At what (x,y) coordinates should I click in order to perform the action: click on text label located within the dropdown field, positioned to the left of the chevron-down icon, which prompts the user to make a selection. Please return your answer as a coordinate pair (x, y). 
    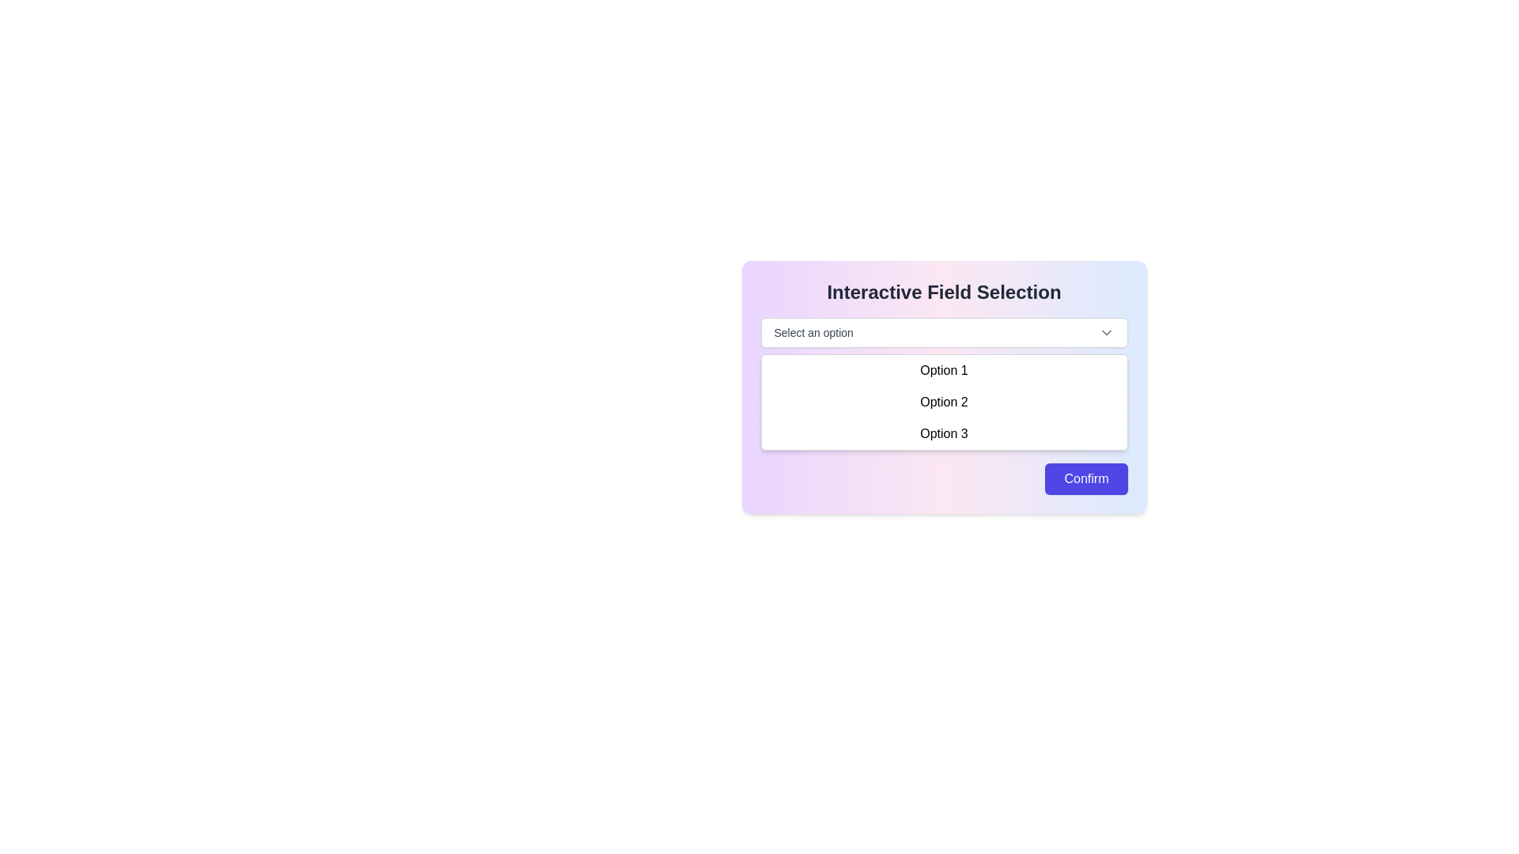
    Looking at the image, I should click on (813, 331).